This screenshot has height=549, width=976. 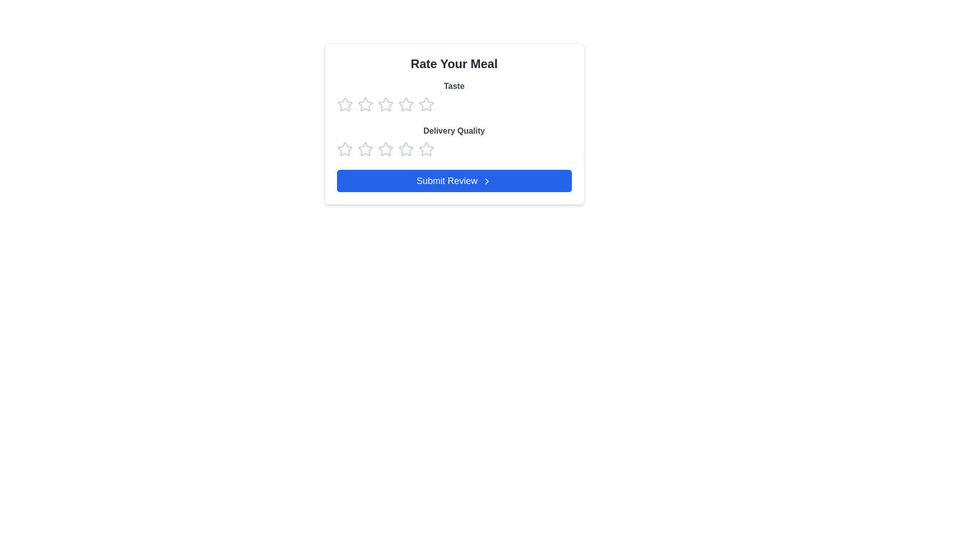 What do you see at coordinates (365, 149) in the screenshot?
I see `the second star in the 'Delivery Quality' rating row` at bounding box center [365, 149].